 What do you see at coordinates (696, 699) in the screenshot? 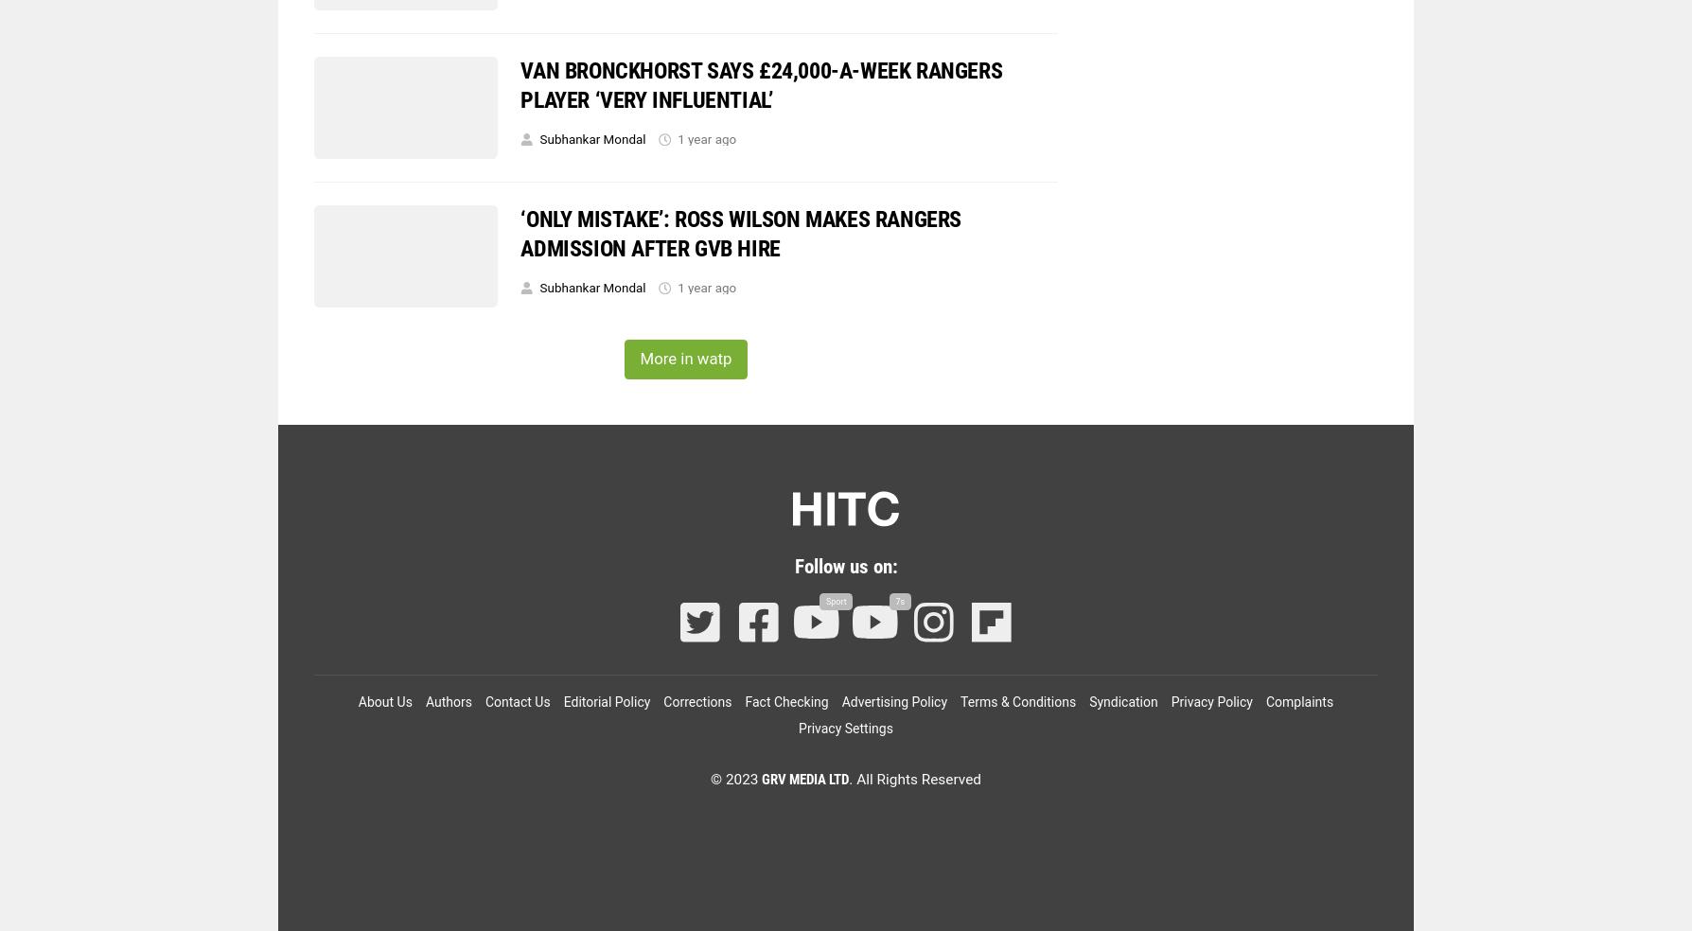
I see `'Corrections'` at bounding box center [696, 699].